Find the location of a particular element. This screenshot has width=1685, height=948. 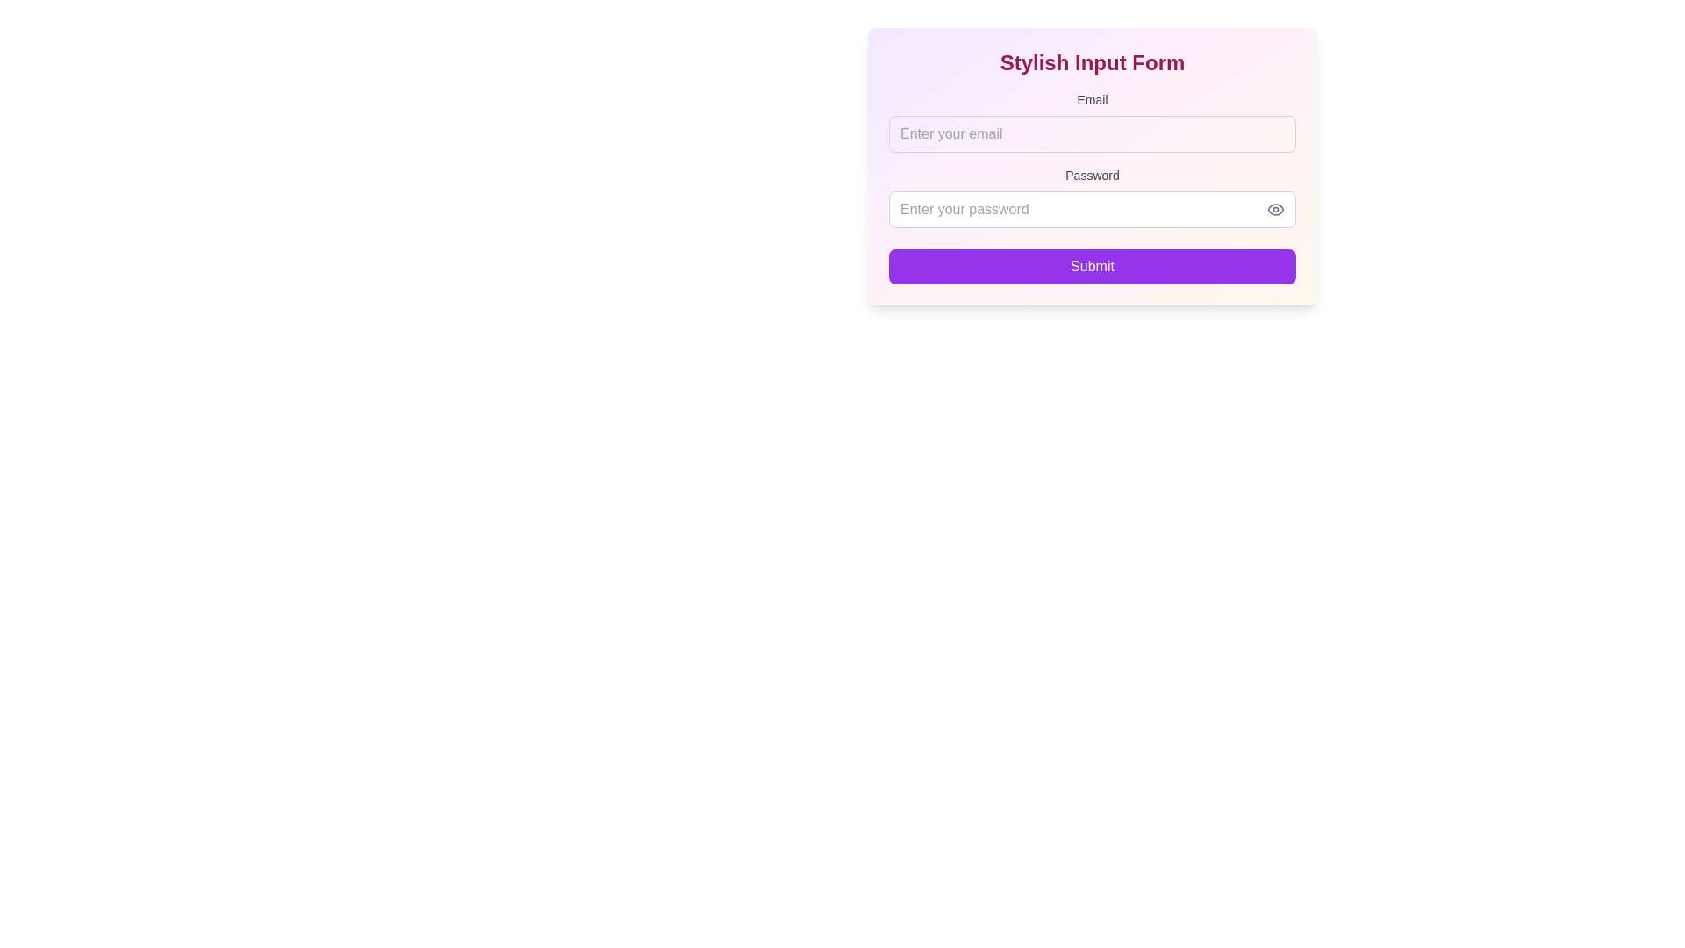

the eye icon button is located at coordinates (1276, 209).